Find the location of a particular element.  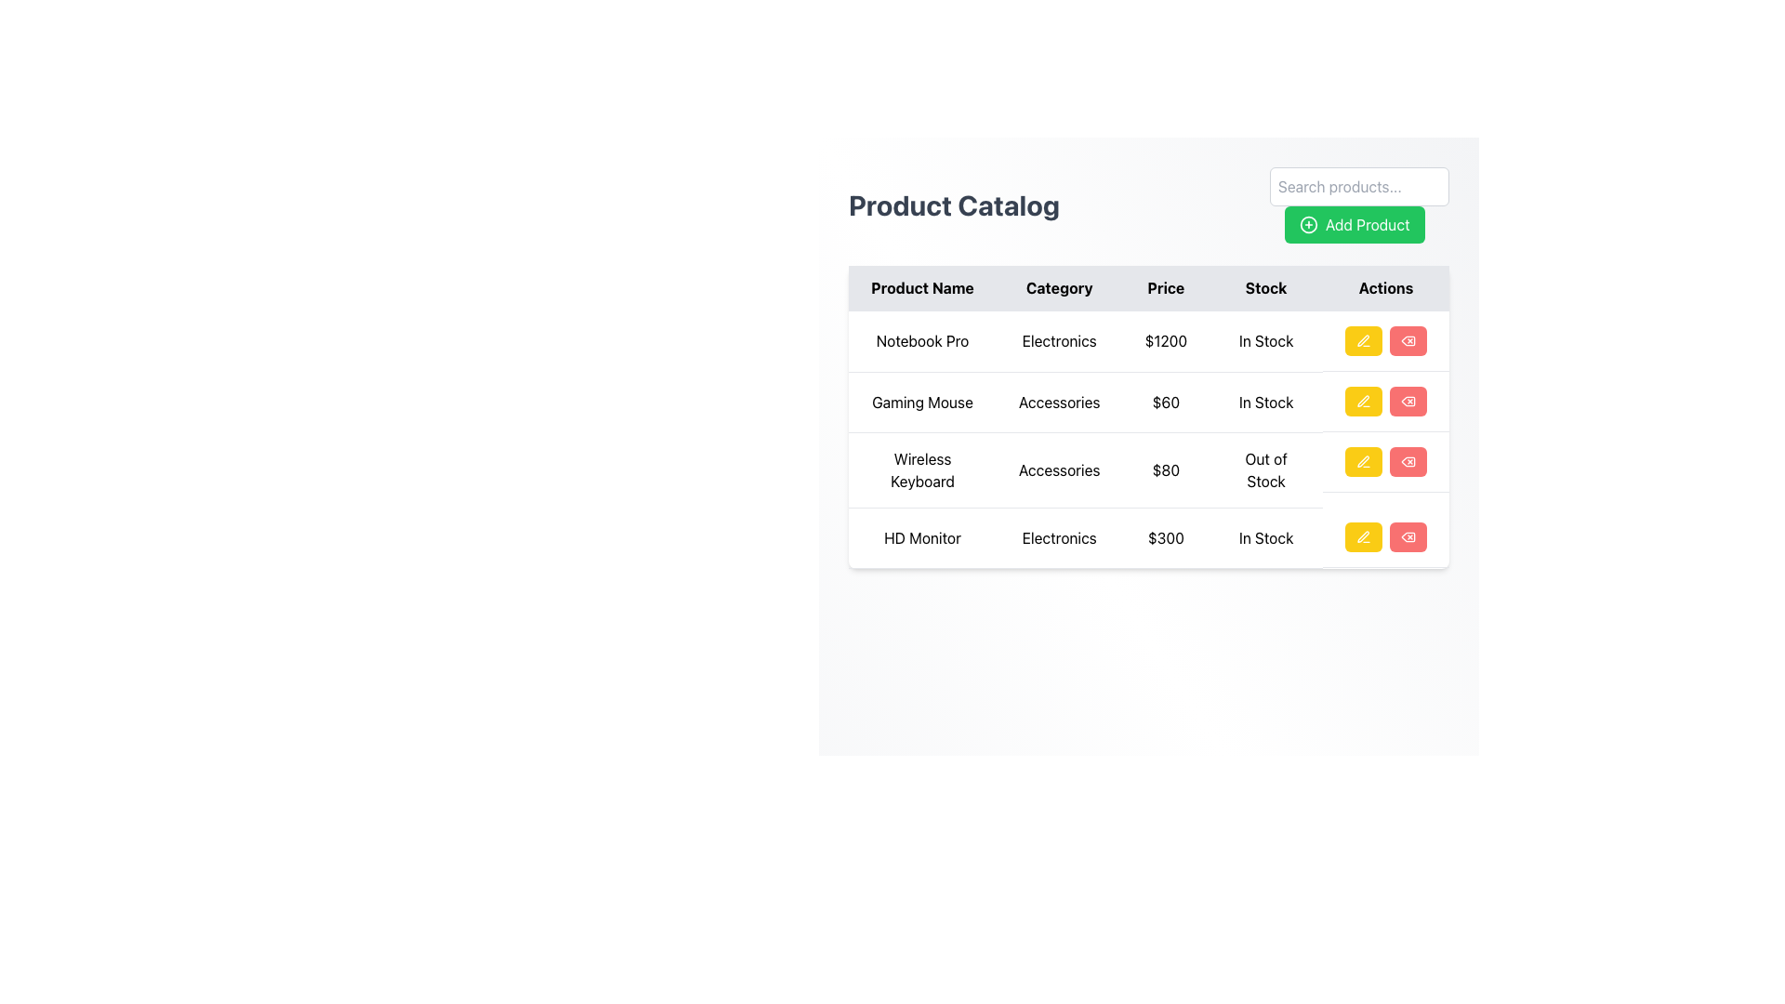

text displayed in the price cell located in the fourth row and third column of the table under the 'Price' header, which shows the price of the item as $300 is located at coordinates (1165, 537).